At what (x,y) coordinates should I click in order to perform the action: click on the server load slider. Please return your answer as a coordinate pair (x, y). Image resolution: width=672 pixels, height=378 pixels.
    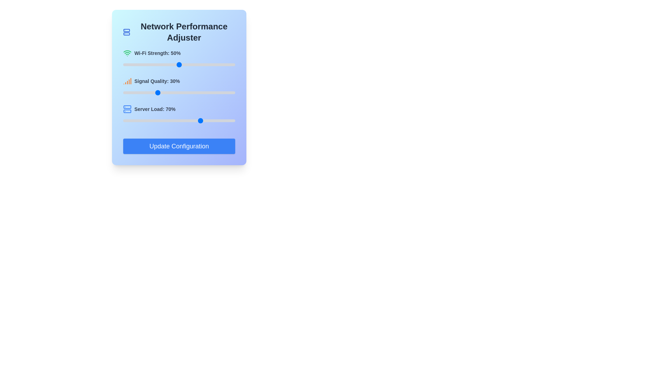
    Looking at the image, I should click on (132, 120).